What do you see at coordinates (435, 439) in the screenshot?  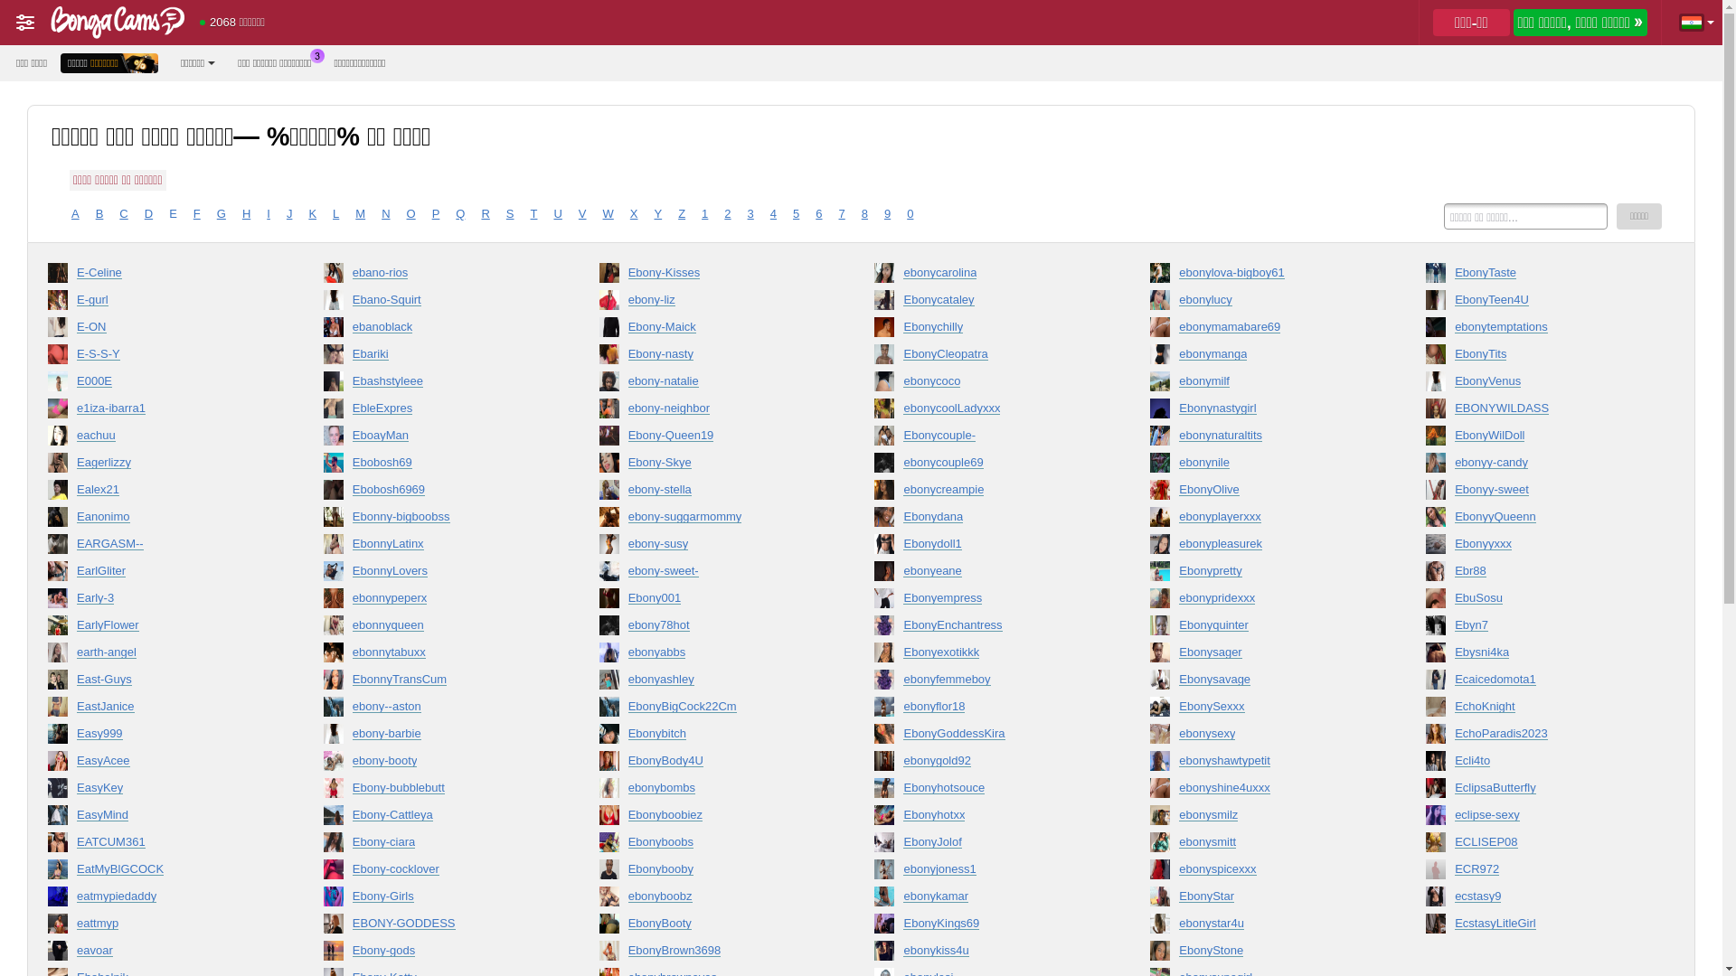 I see `'EboayMan'` at bounding box center [435, 439].